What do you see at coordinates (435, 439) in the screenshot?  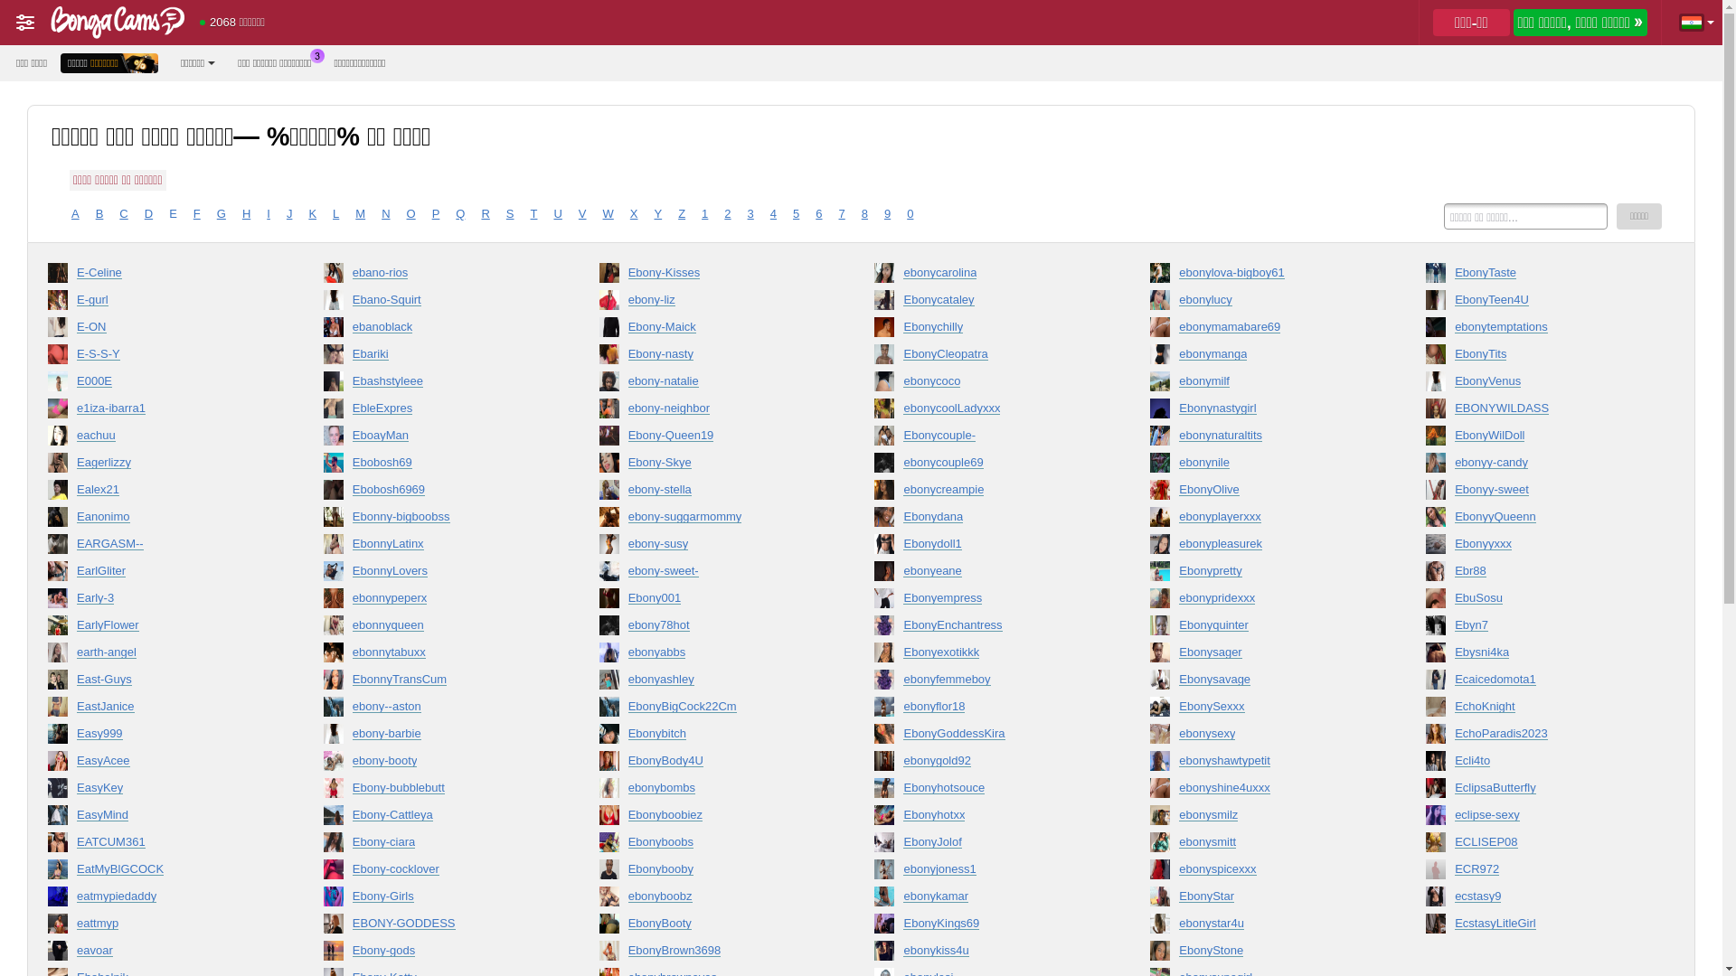 I see `'EboayMan'` at bounding box center [435, 439].